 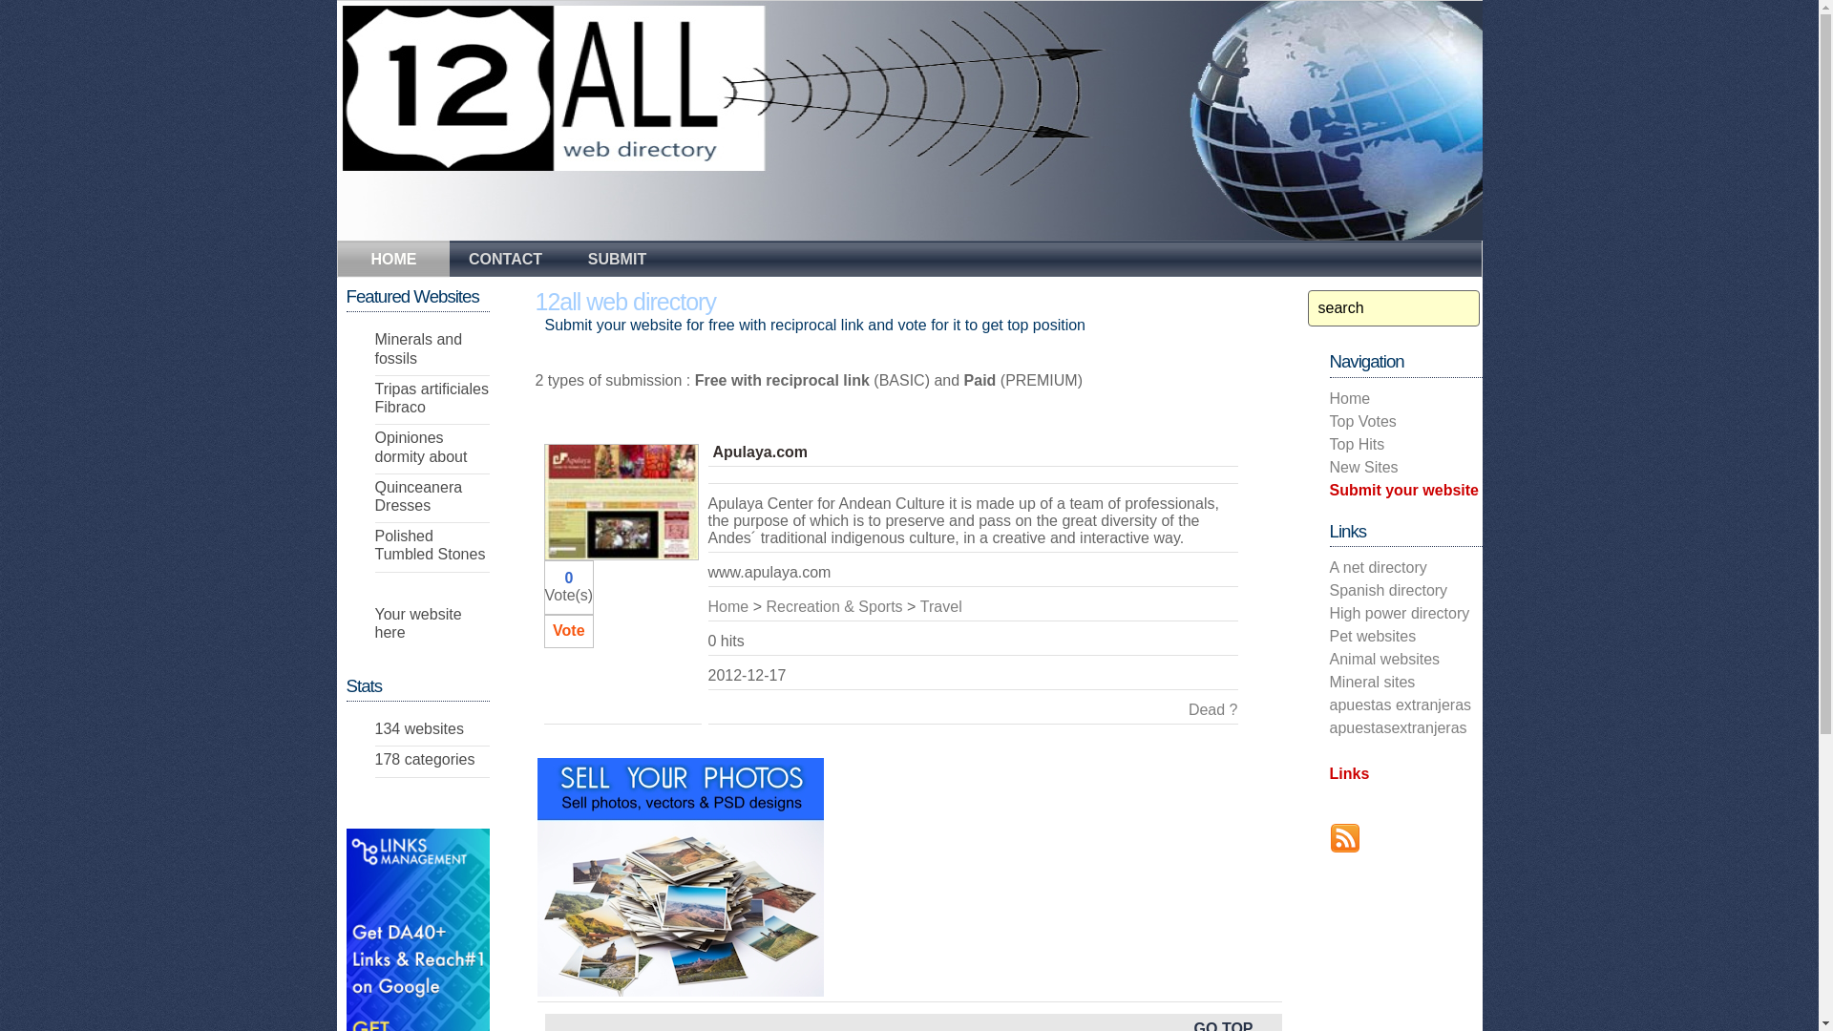 What do you see at coordinates (1400, 705) in the screenshot?
I see `'apuestas extranjeras'` at bounding box center [1400, 705].